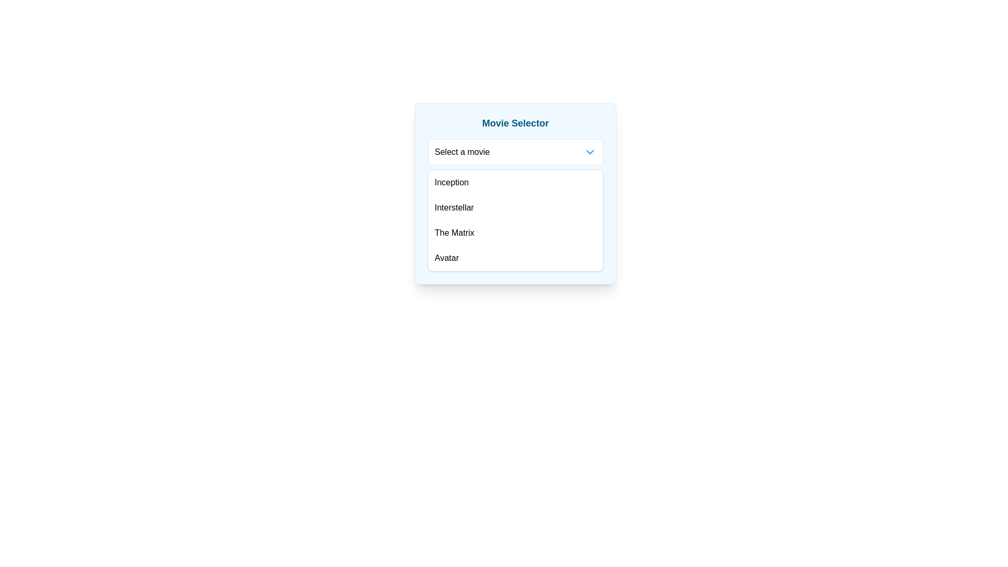  I want to click on the third item in the 'Movie Selector' dropdown menu, so click(454, 232).